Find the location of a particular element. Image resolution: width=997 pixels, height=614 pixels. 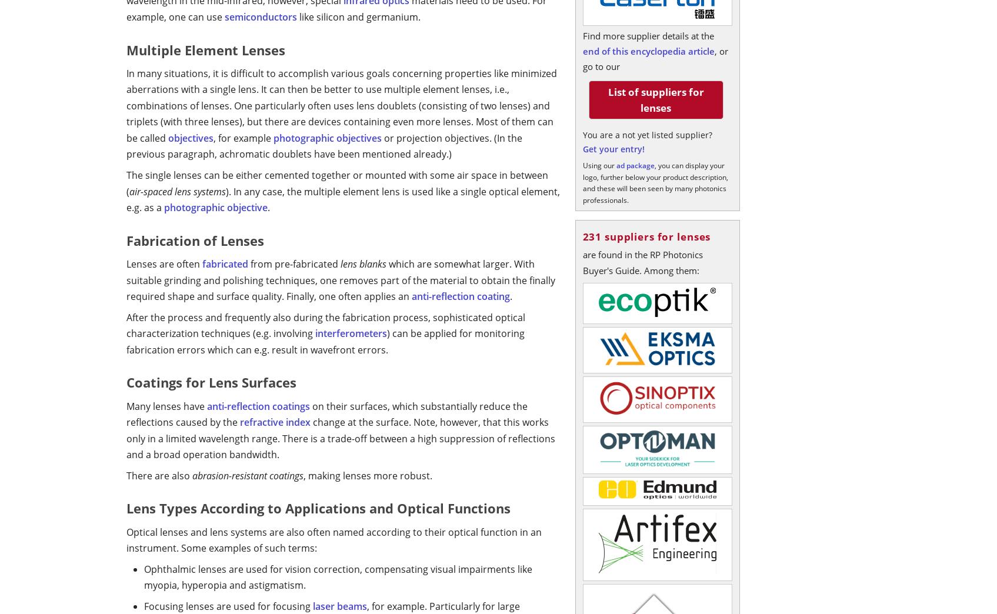

'which are somewhat larger. With suitable grinding and polishing techniques, one removes part of the material to obtain the finally required shape and surface quality. Finally, one often applies an' is located at coordinates (341, 280).